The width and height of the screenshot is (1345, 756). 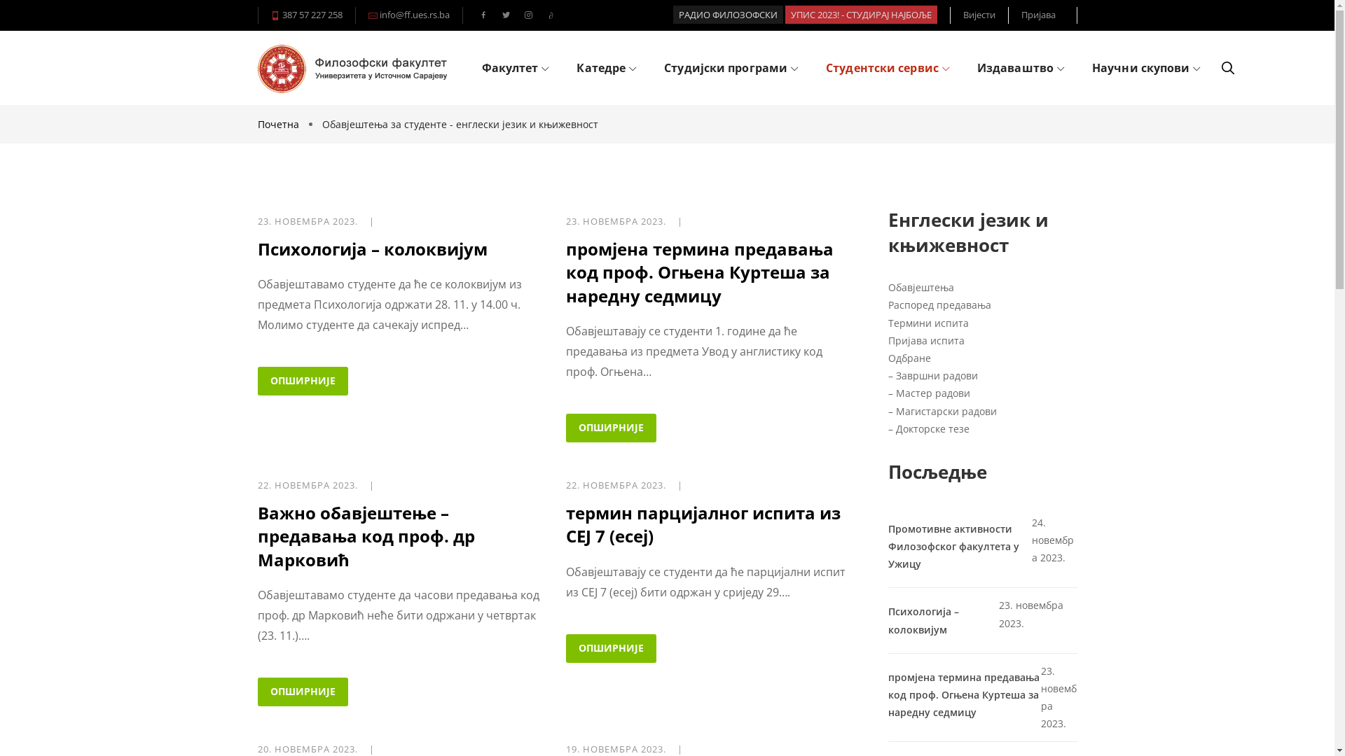 What do you see at coordinates (412, 14) in the screenshot?
I see `'info@ff.ues.rs.ba'` at bounding box center [412, 14].